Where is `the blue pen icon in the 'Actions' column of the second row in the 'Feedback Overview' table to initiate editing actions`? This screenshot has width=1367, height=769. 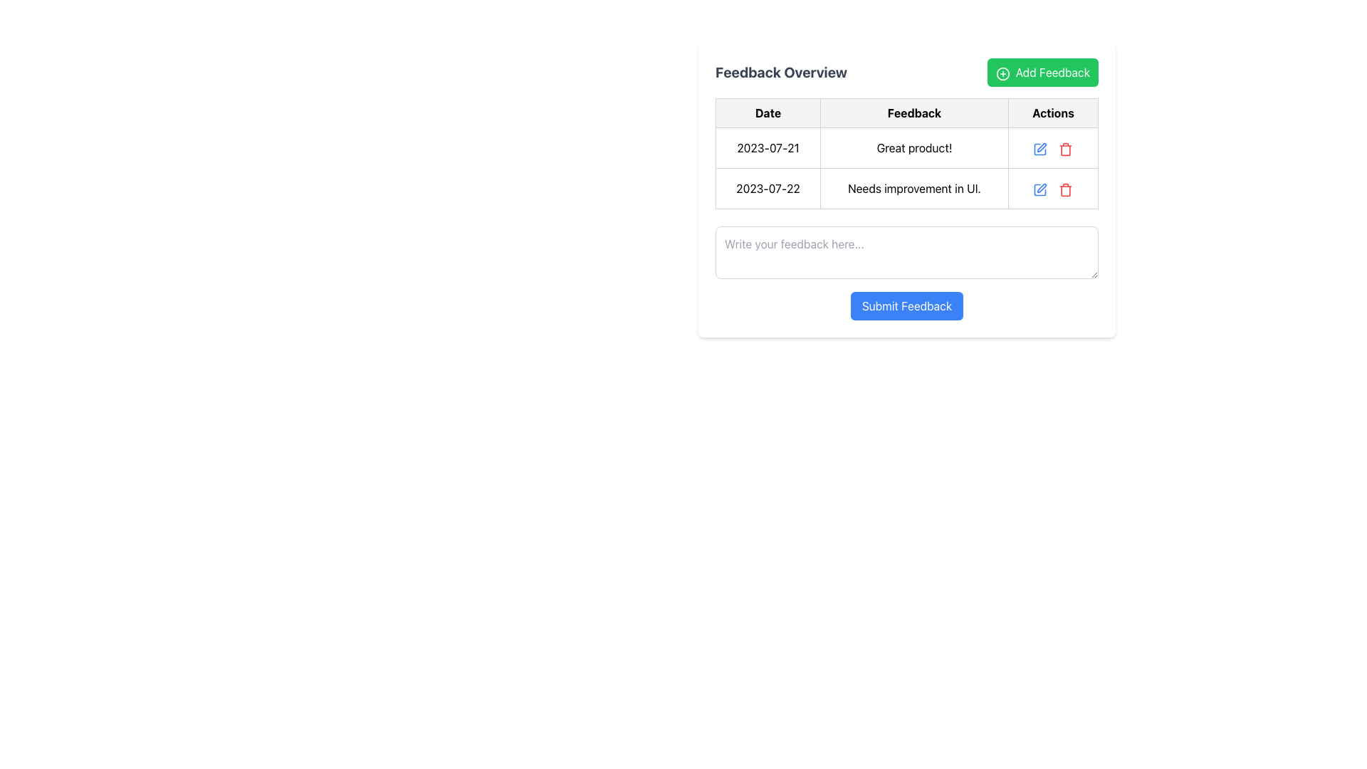 the blue pen icon in the 'Actions' column of the second row in the 'Feedback Overview' table to initiate editing actions is located at coordinates (1040, 189).